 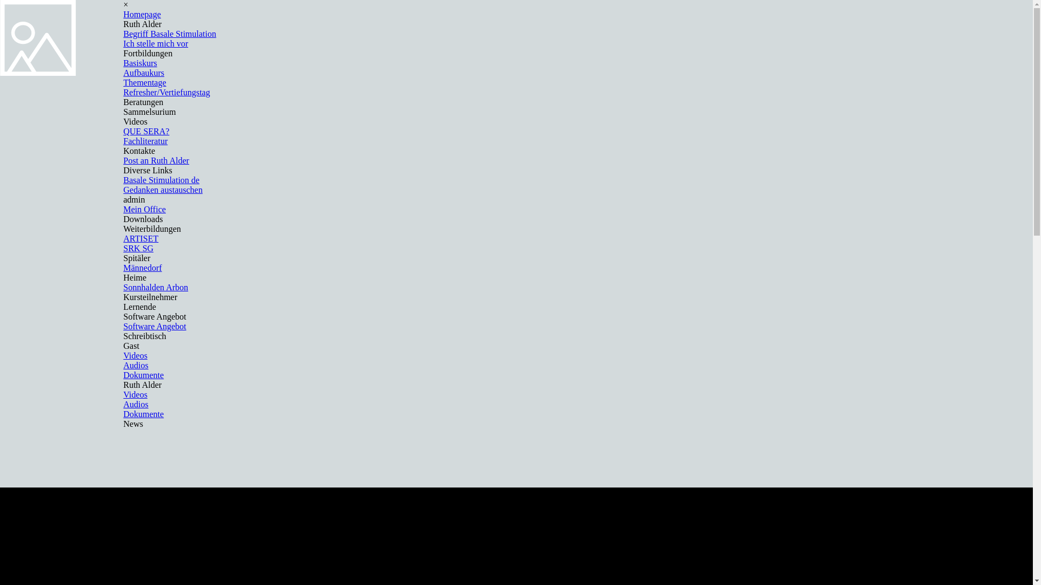 What do you see at coordinates (166, 92) in the screenshot?
I see `'Refresher/Vertiefungstag'` at bounding box center [166, 92].